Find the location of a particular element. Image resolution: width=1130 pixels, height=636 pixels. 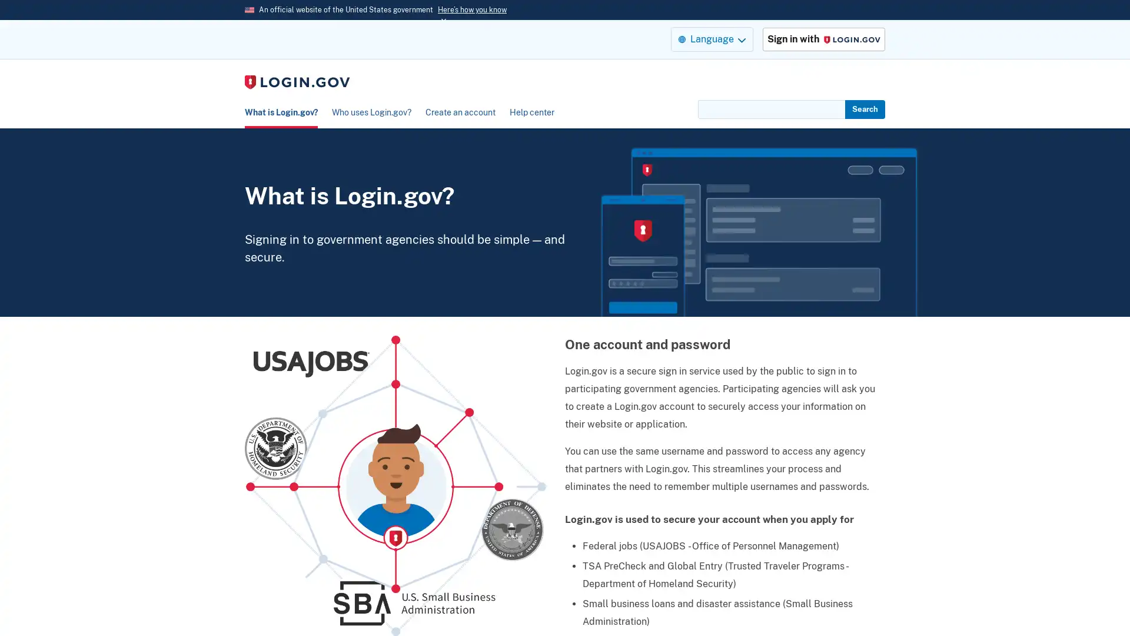

Language is located at coordinates (711, 38).